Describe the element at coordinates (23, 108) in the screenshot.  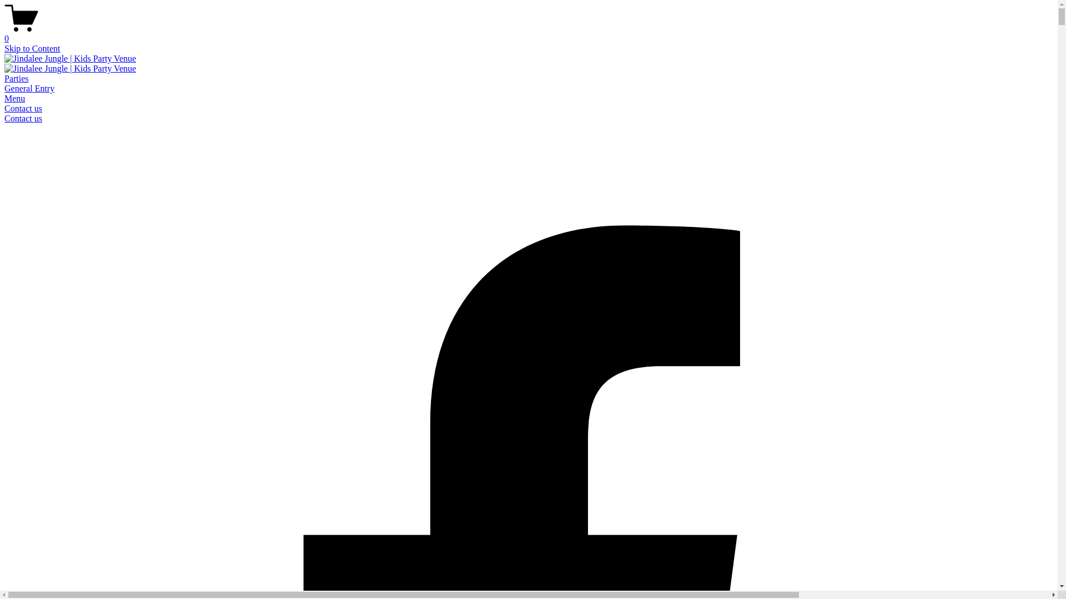
I see `'Contact us'` at that location.